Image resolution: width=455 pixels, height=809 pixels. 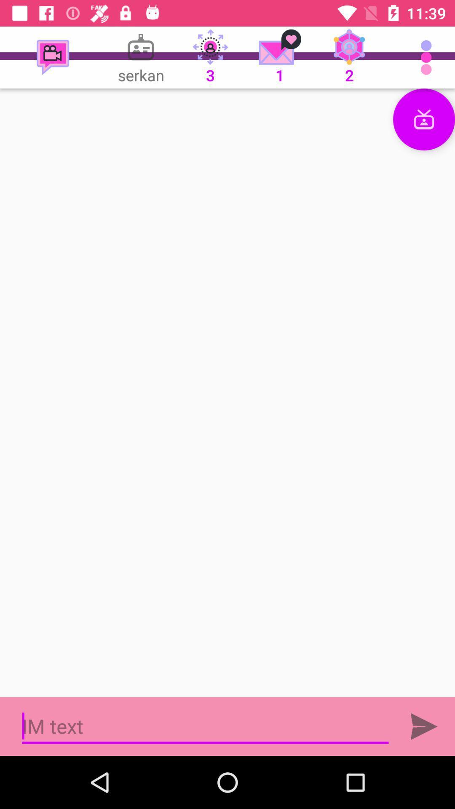 I want to click on send message, so click(x=424, y=726).